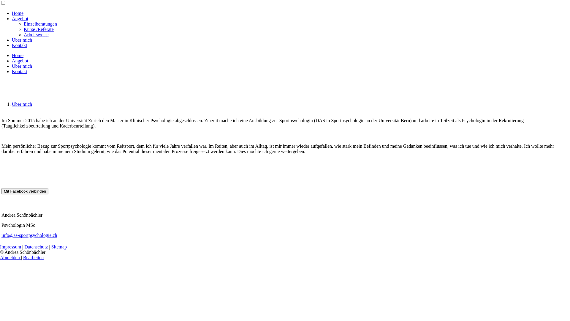  What do you see at coordinates (29, 235) in the screenshot?
I see `'info@as-sportpsychologie.ch'` at bounding box center [29, 235].